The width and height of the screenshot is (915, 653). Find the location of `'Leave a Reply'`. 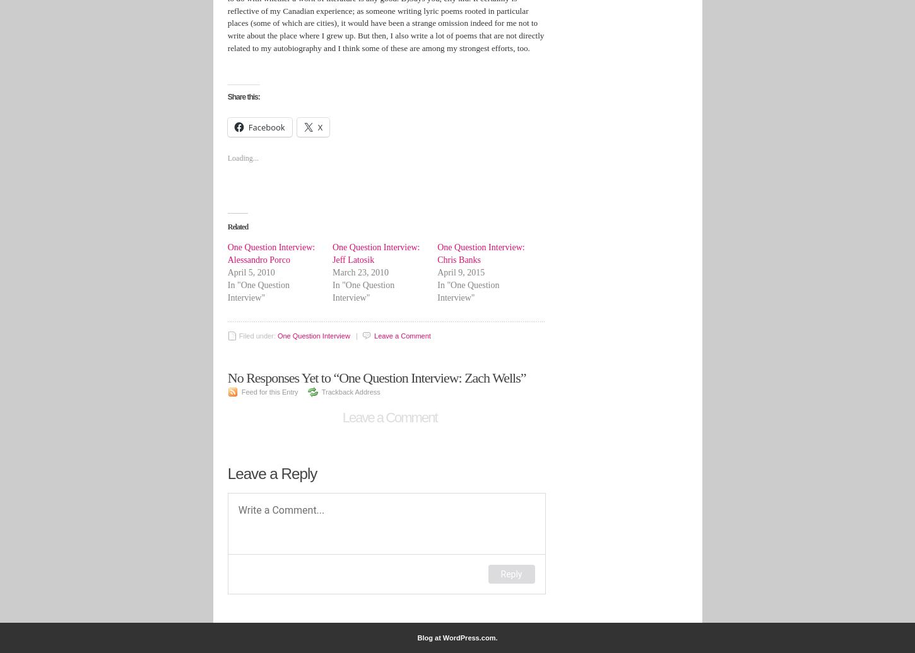

'Leave a Reply' is located at coordinates (271, 473).